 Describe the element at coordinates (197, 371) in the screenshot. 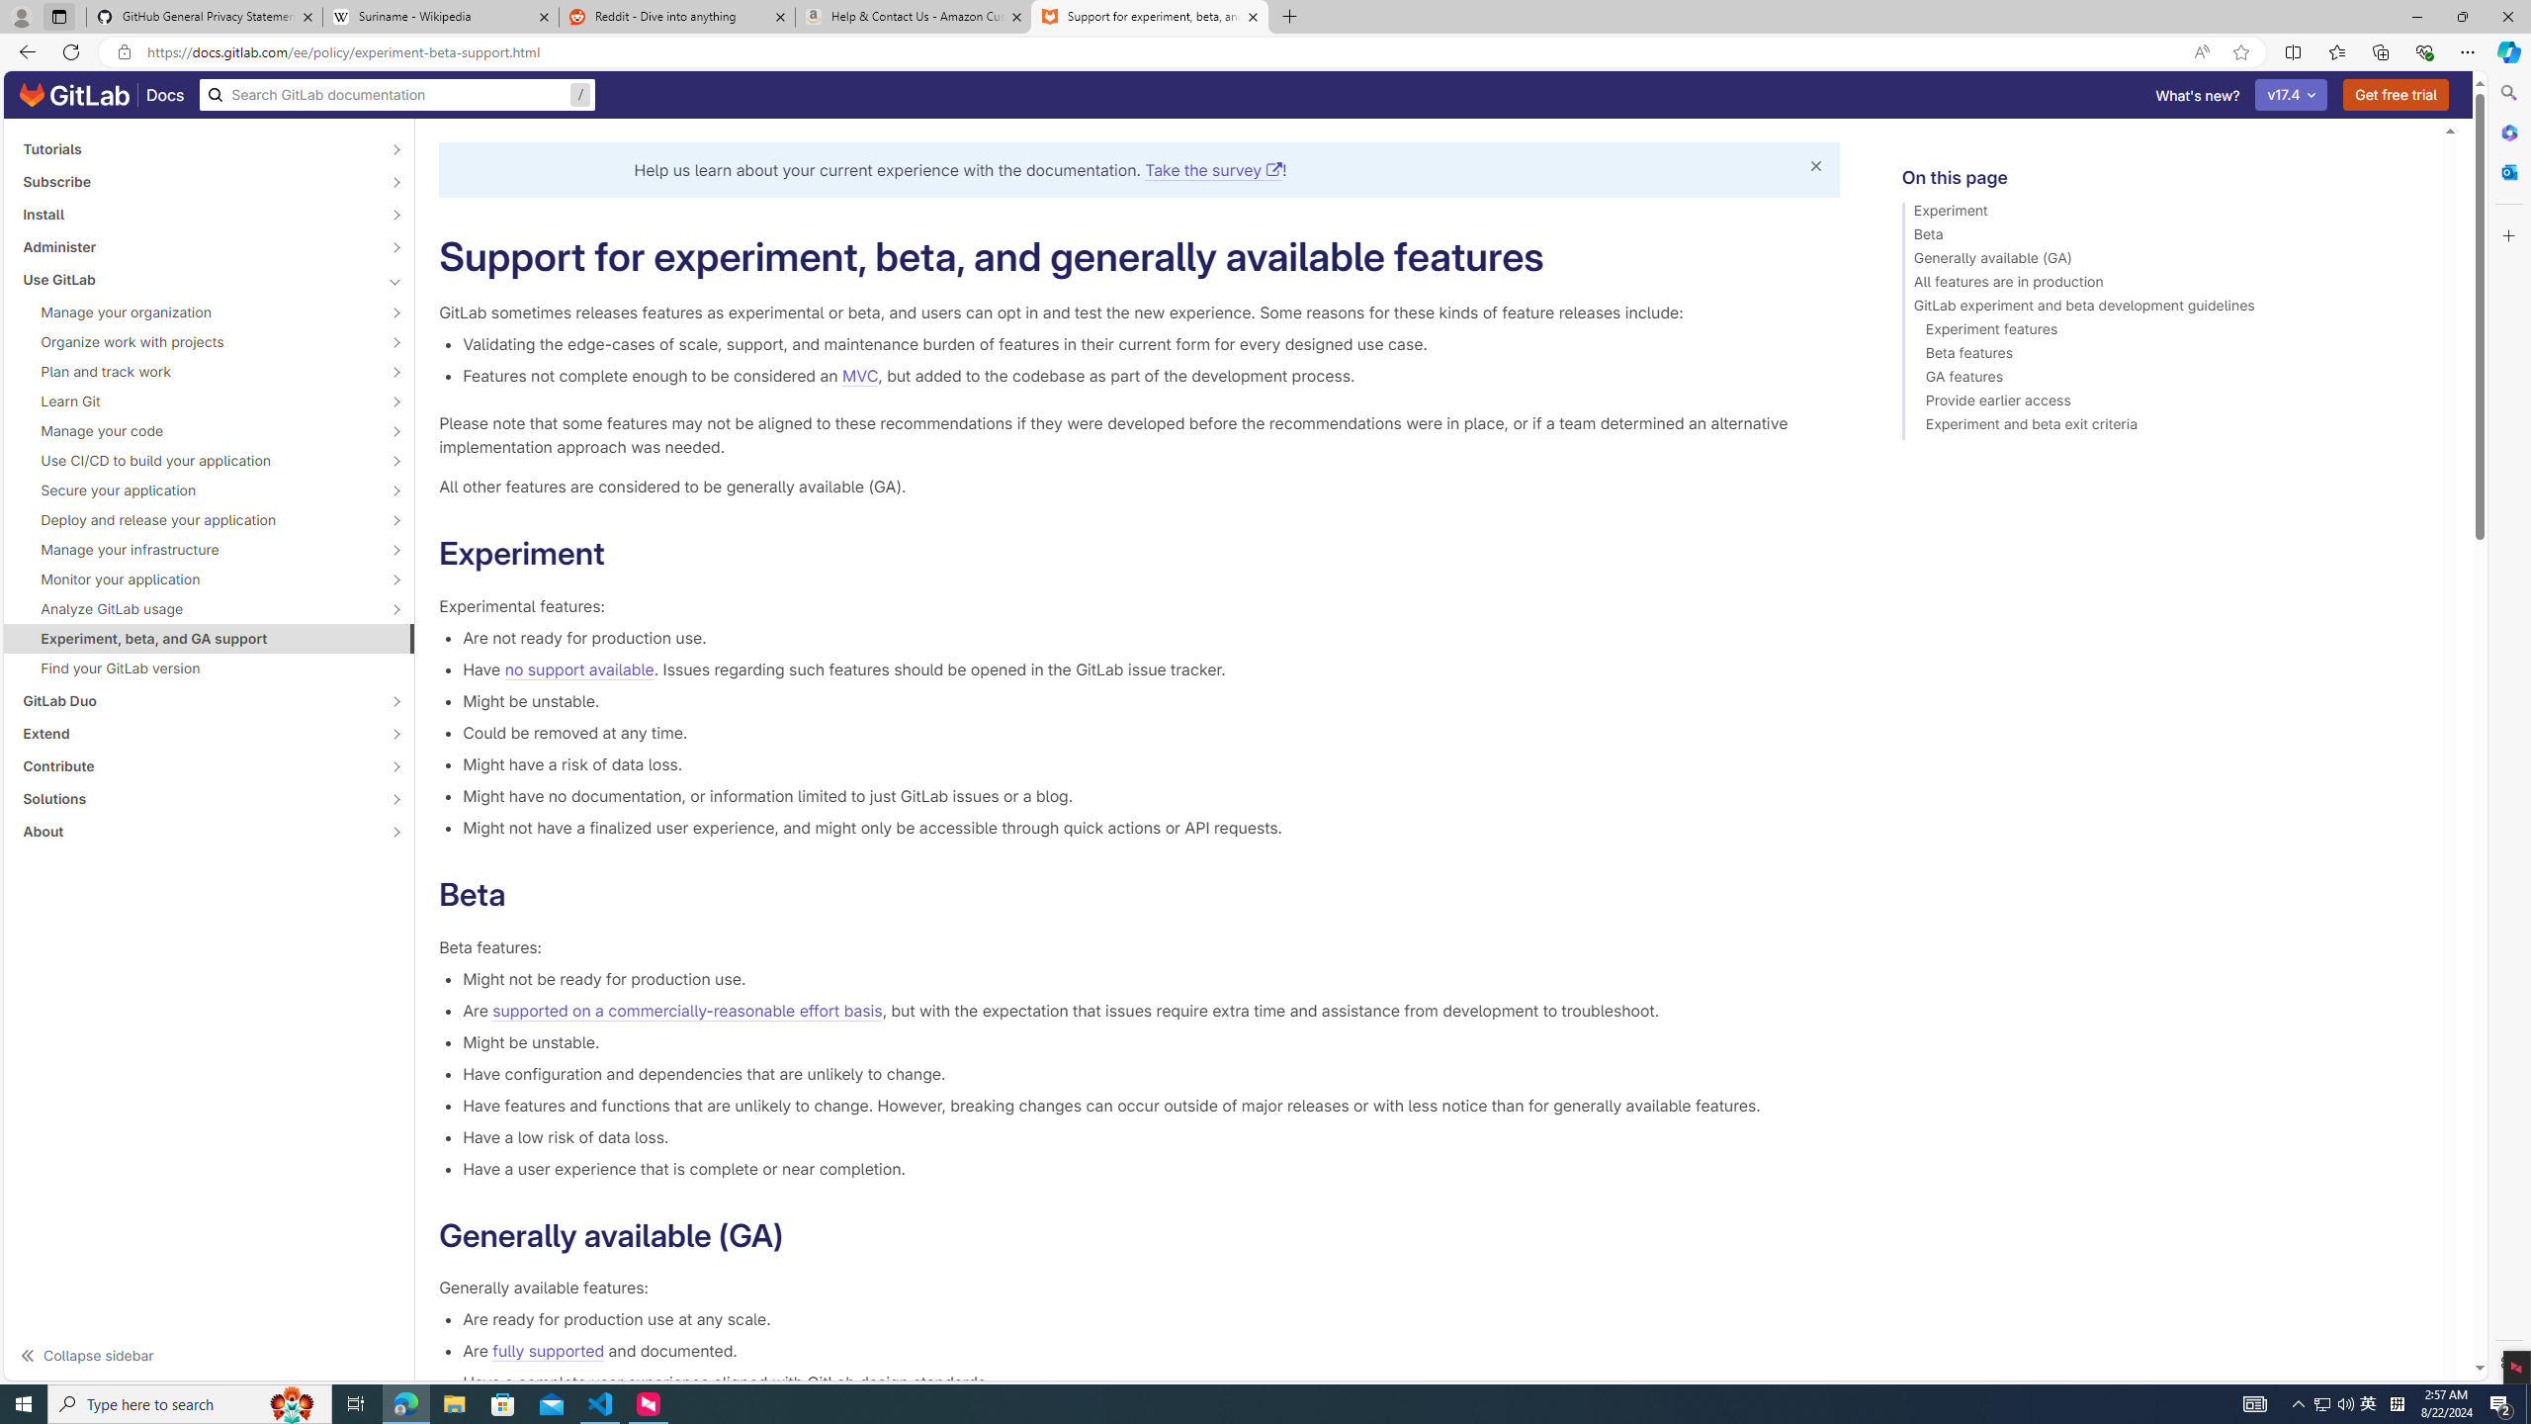

I see `'Plan and track work'` at that location.